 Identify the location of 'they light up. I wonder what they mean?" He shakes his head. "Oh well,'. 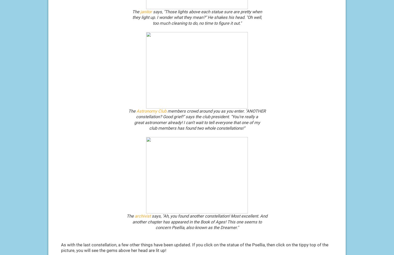
(197, 17).